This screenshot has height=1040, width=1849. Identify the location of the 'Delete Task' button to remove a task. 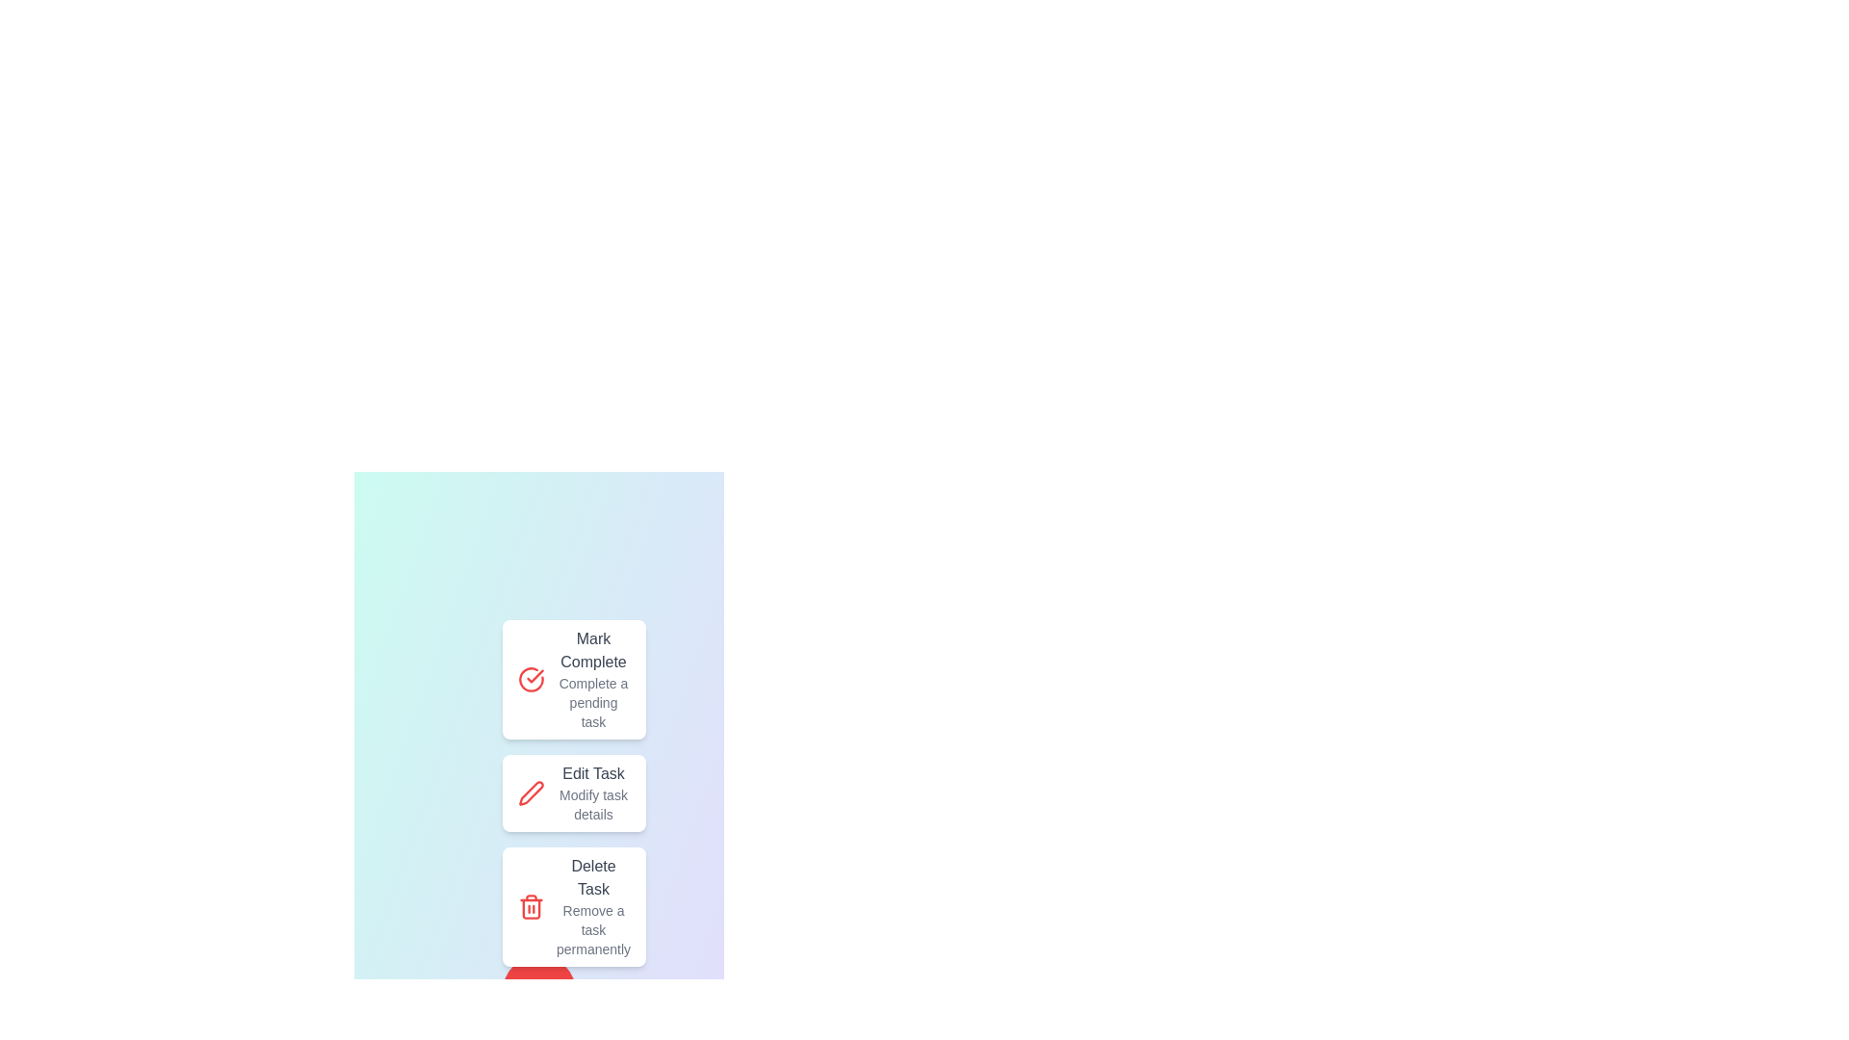
(573, 906).